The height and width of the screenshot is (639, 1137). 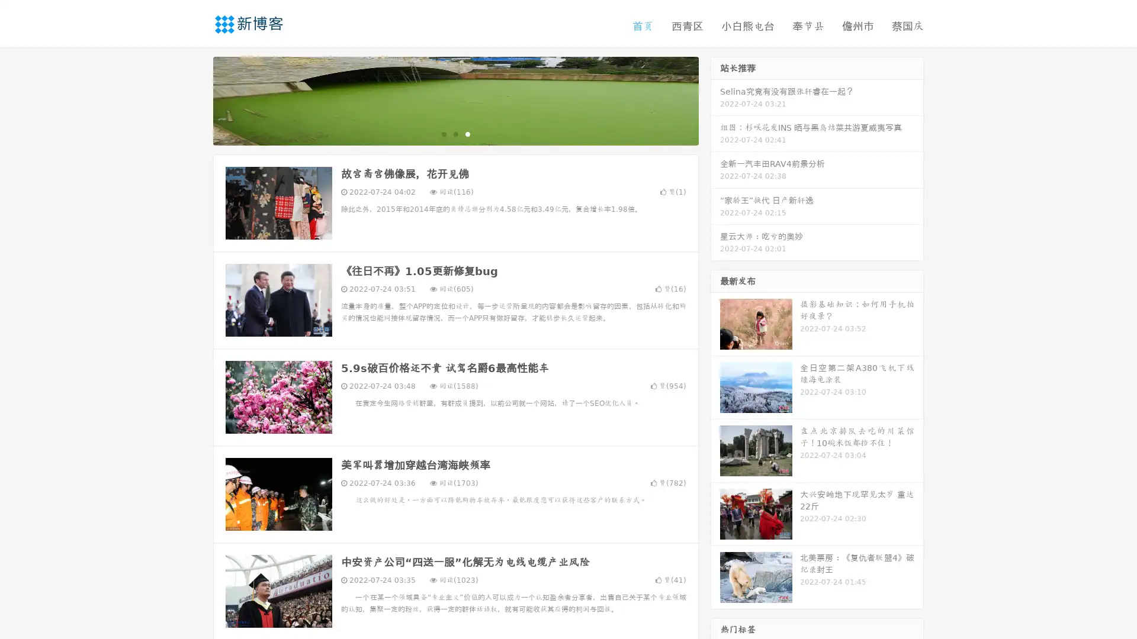 I want to click on Go to slide 1, so click(x=443, y=133).